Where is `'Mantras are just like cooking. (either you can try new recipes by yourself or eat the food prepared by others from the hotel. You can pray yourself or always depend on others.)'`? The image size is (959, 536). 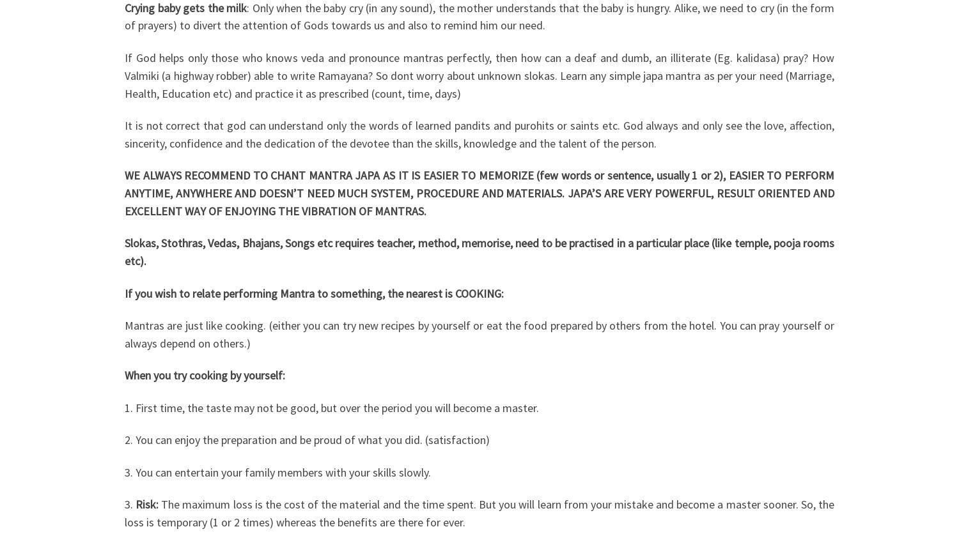
'Mantras are just like cooking. (either you can try new recipes by yourself or eat the food prepared by others from the hotel. You can pray yourself or always depend on others.)' is located at coordinates (479, 333).